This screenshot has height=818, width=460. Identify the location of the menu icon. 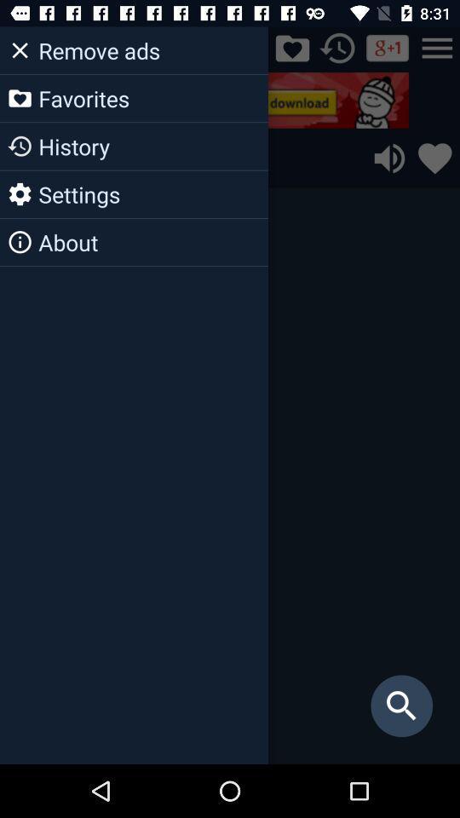
(437, 47).